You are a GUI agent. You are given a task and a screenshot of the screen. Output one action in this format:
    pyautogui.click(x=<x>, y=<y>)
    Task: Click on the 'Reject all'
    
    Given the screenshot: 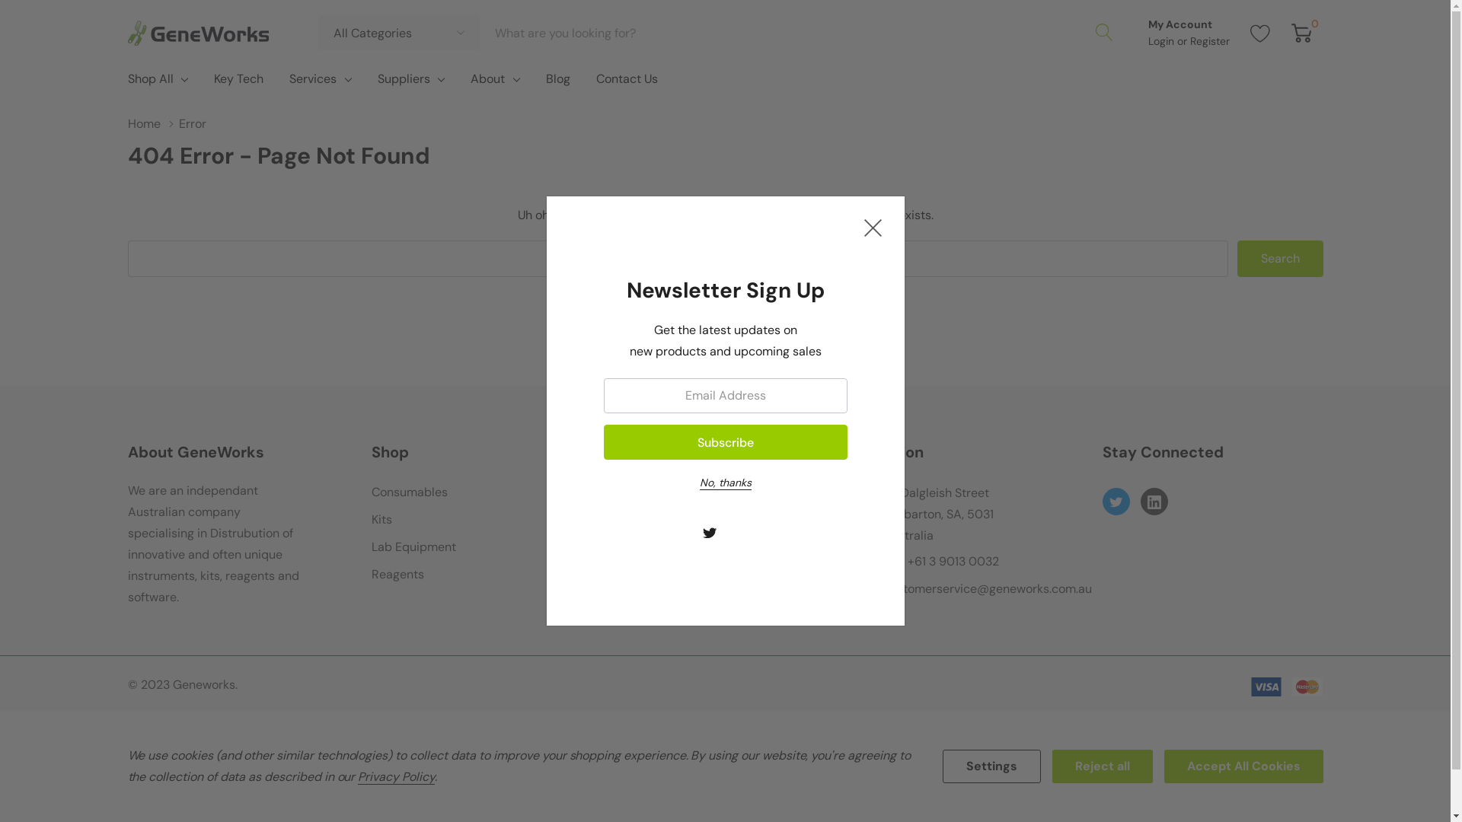 What is the action you would take?
    pyautogui.click(x=1103, y=766)
    